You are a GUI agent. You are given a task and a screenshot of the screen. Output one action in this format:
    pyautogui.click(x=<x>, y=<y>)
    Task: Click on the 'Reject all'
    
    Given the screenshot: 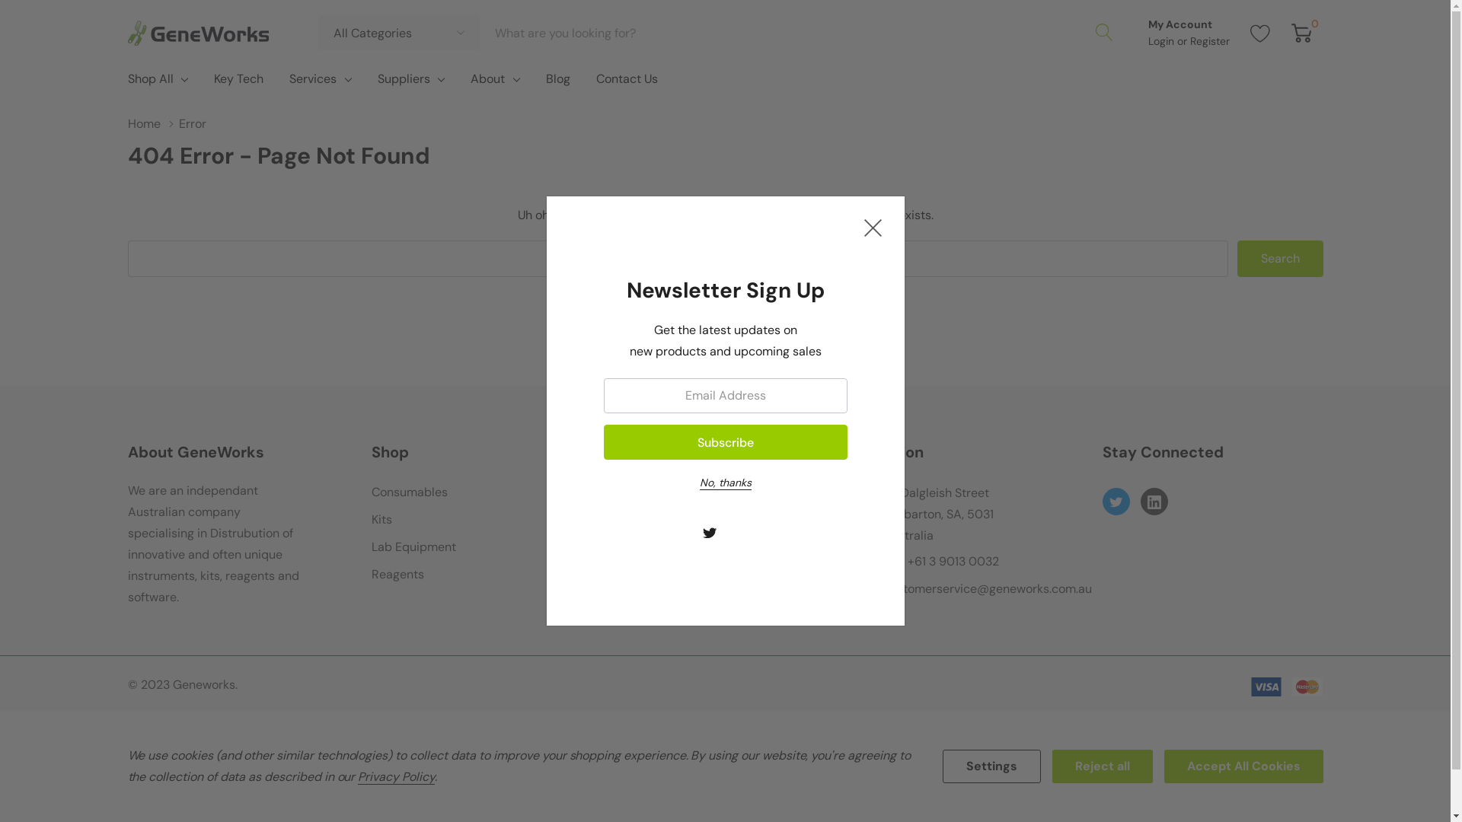 What is the action you would take?
    pyautogui.click(x=1103, y=766)
    